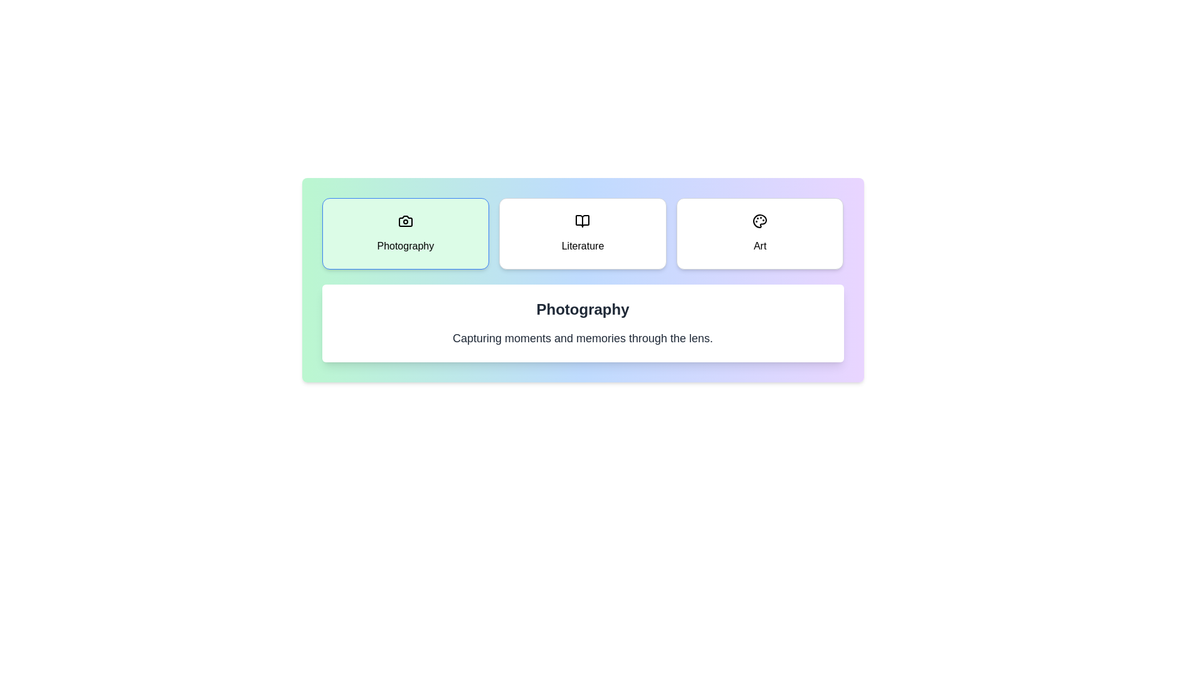 Image resolution: width=1204 pixels, height=677 pixels. What do you see at coordinates (582, 338) in the screenshot?
I see `informational content of the static text located below the heading 'Photography' in the white box with rounded corners` at bounding box center [582, 338].